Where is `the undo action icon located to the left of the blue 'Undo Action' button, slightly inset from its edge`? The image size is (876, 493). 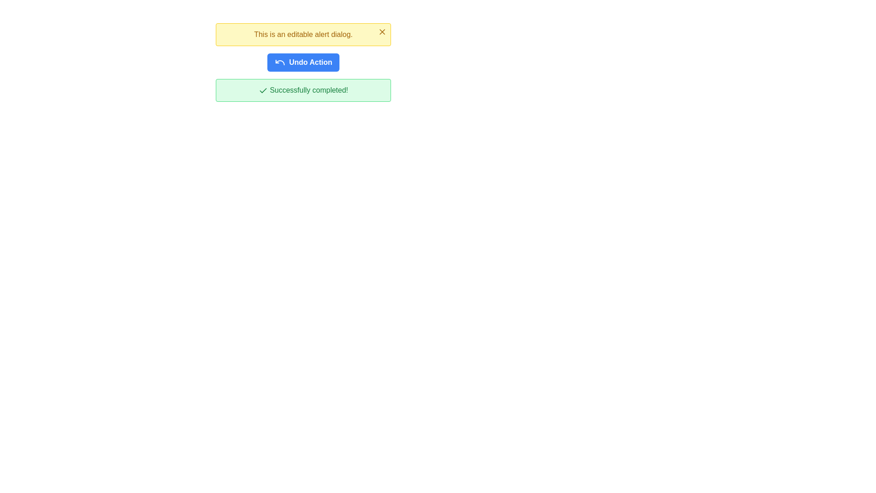
the undo action icon located to the left of the blue 'Undo Action' button, slightly inset from its edge is located at coordinates (279, 62).